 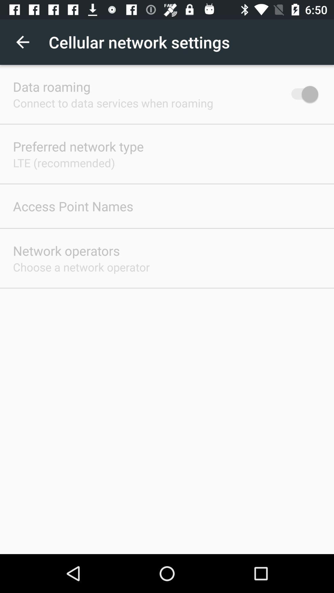 What do you see at coordinates (113, 103) in the screenshot?
I see `connect to data icon` at bounding box center [113, 103].